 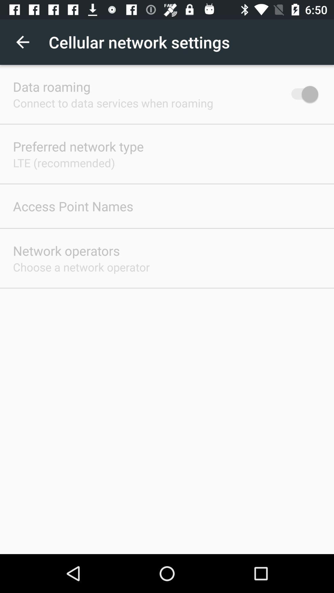 What do you see at coordinates (113, 103) in the screenshot?
I see `connect to data icon` at bounding box center [113, 103].